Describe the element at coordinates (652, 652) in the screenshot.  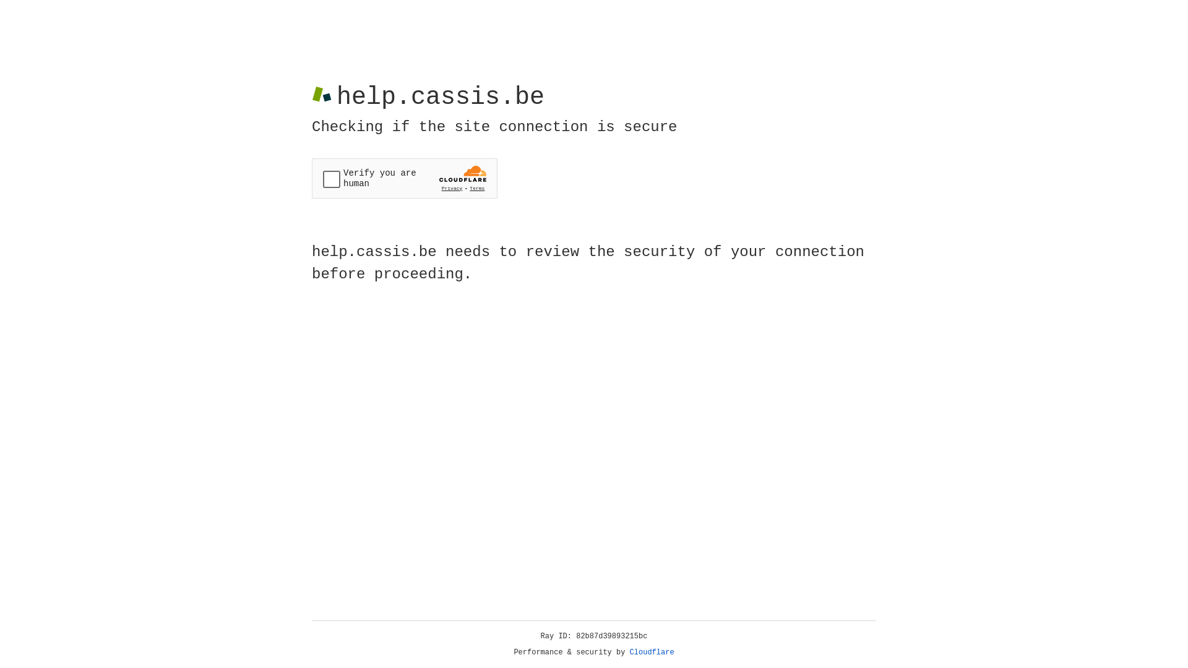
I see `'Cloudflare'` at that location.